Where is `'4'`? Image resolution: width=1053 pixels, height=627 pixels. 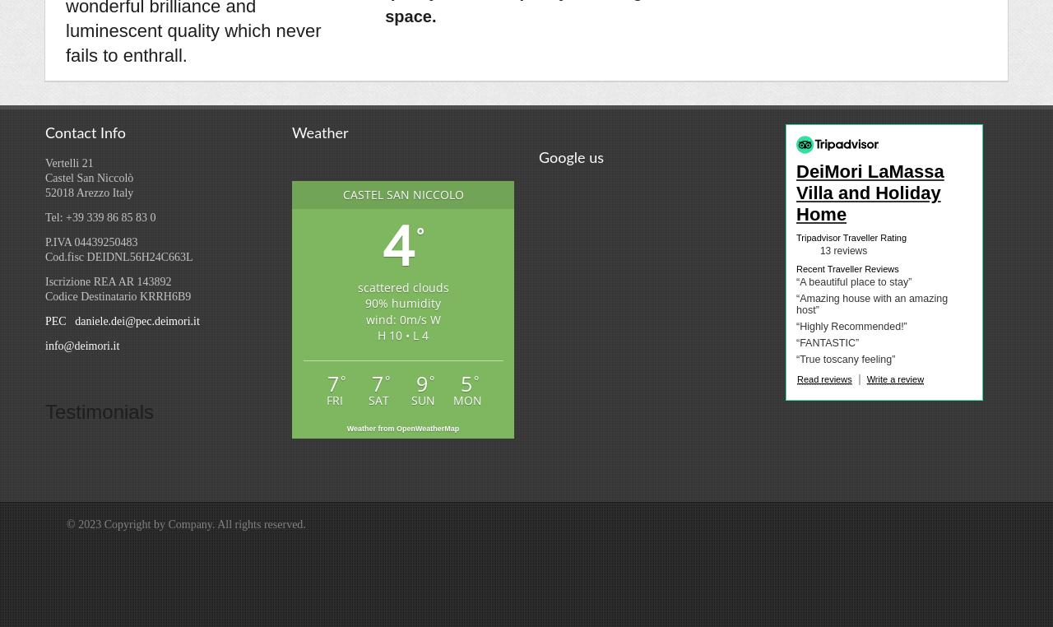
'4' is located at coordinates (397, 243).